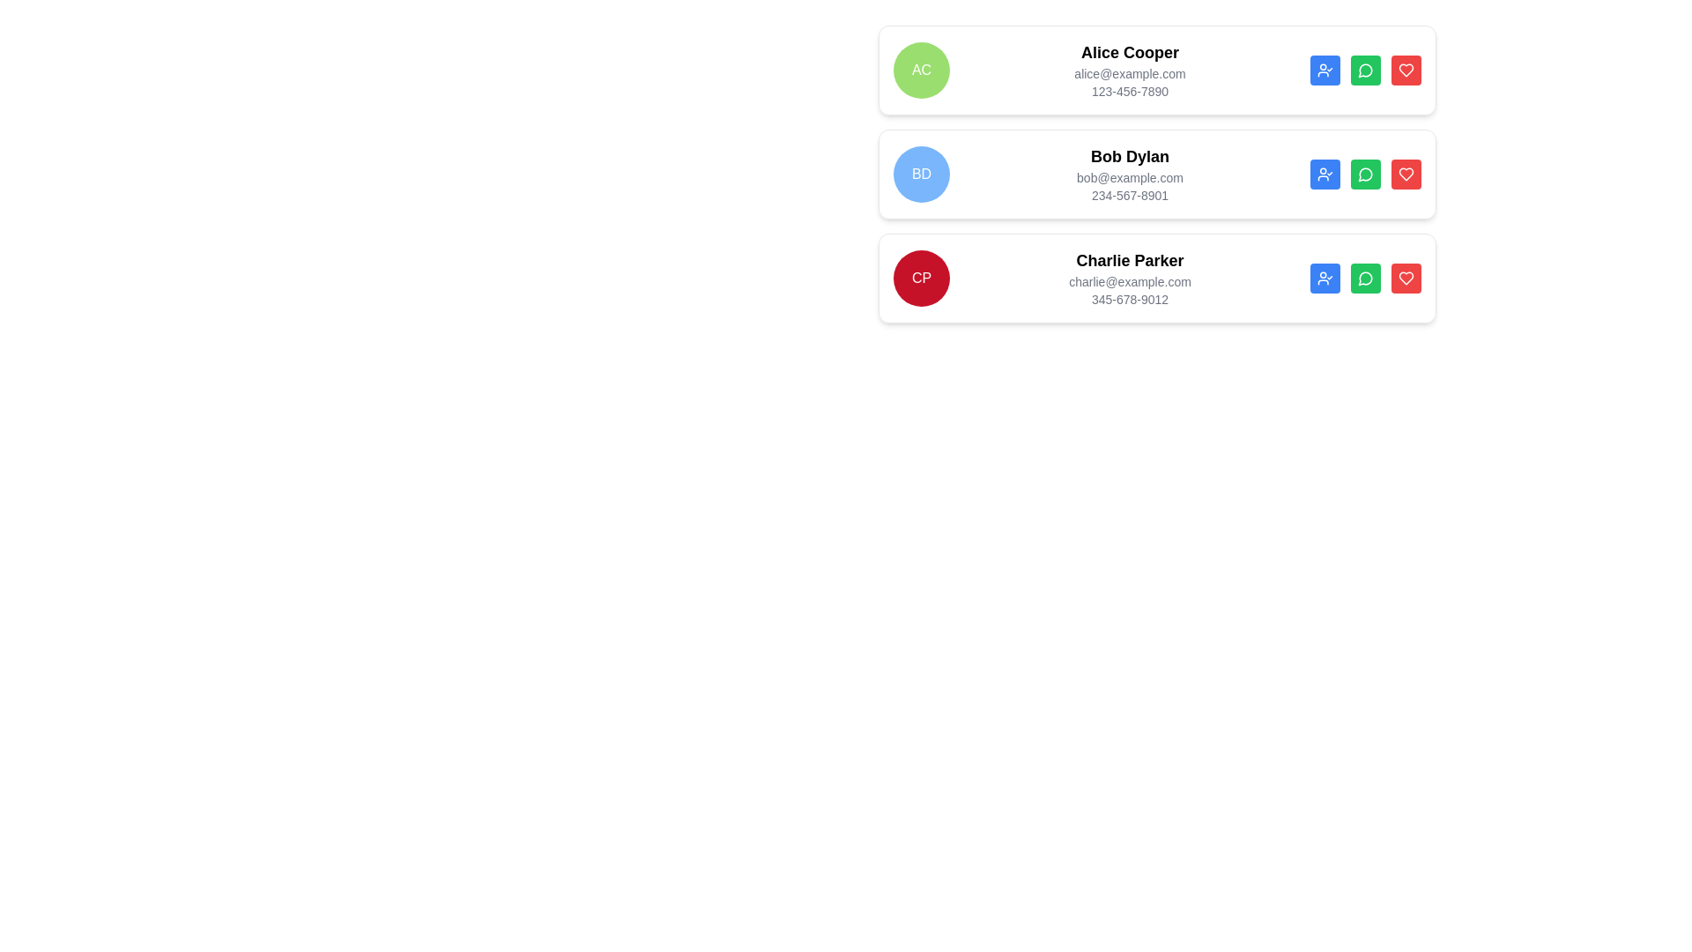  Describe the element at coordinates (1130, 155) in the screenshot. I see `the text label 'Bob Dylan' which is styled in bold, black text at the top of a segmented card containing related information` at that location.